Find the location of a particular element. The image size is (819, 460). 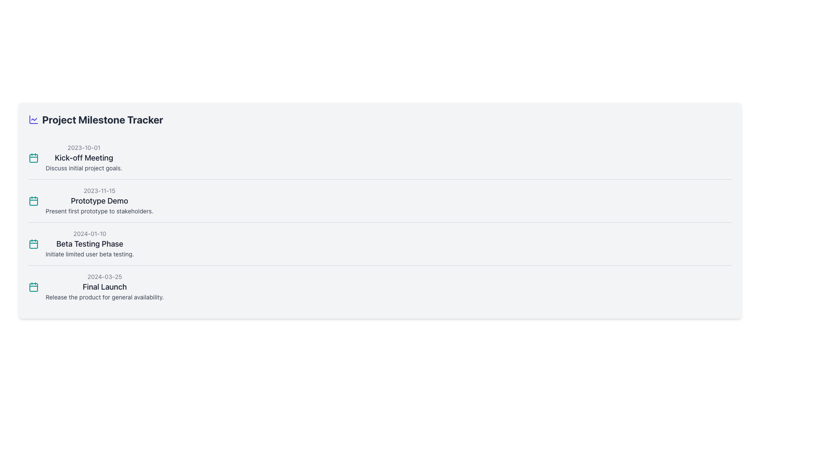

the third milestone list item that describes a specific milestone in the project timeline, positioned between 'Prototype Demo' and 'Final Launch' is located at coordinates (90, 244).